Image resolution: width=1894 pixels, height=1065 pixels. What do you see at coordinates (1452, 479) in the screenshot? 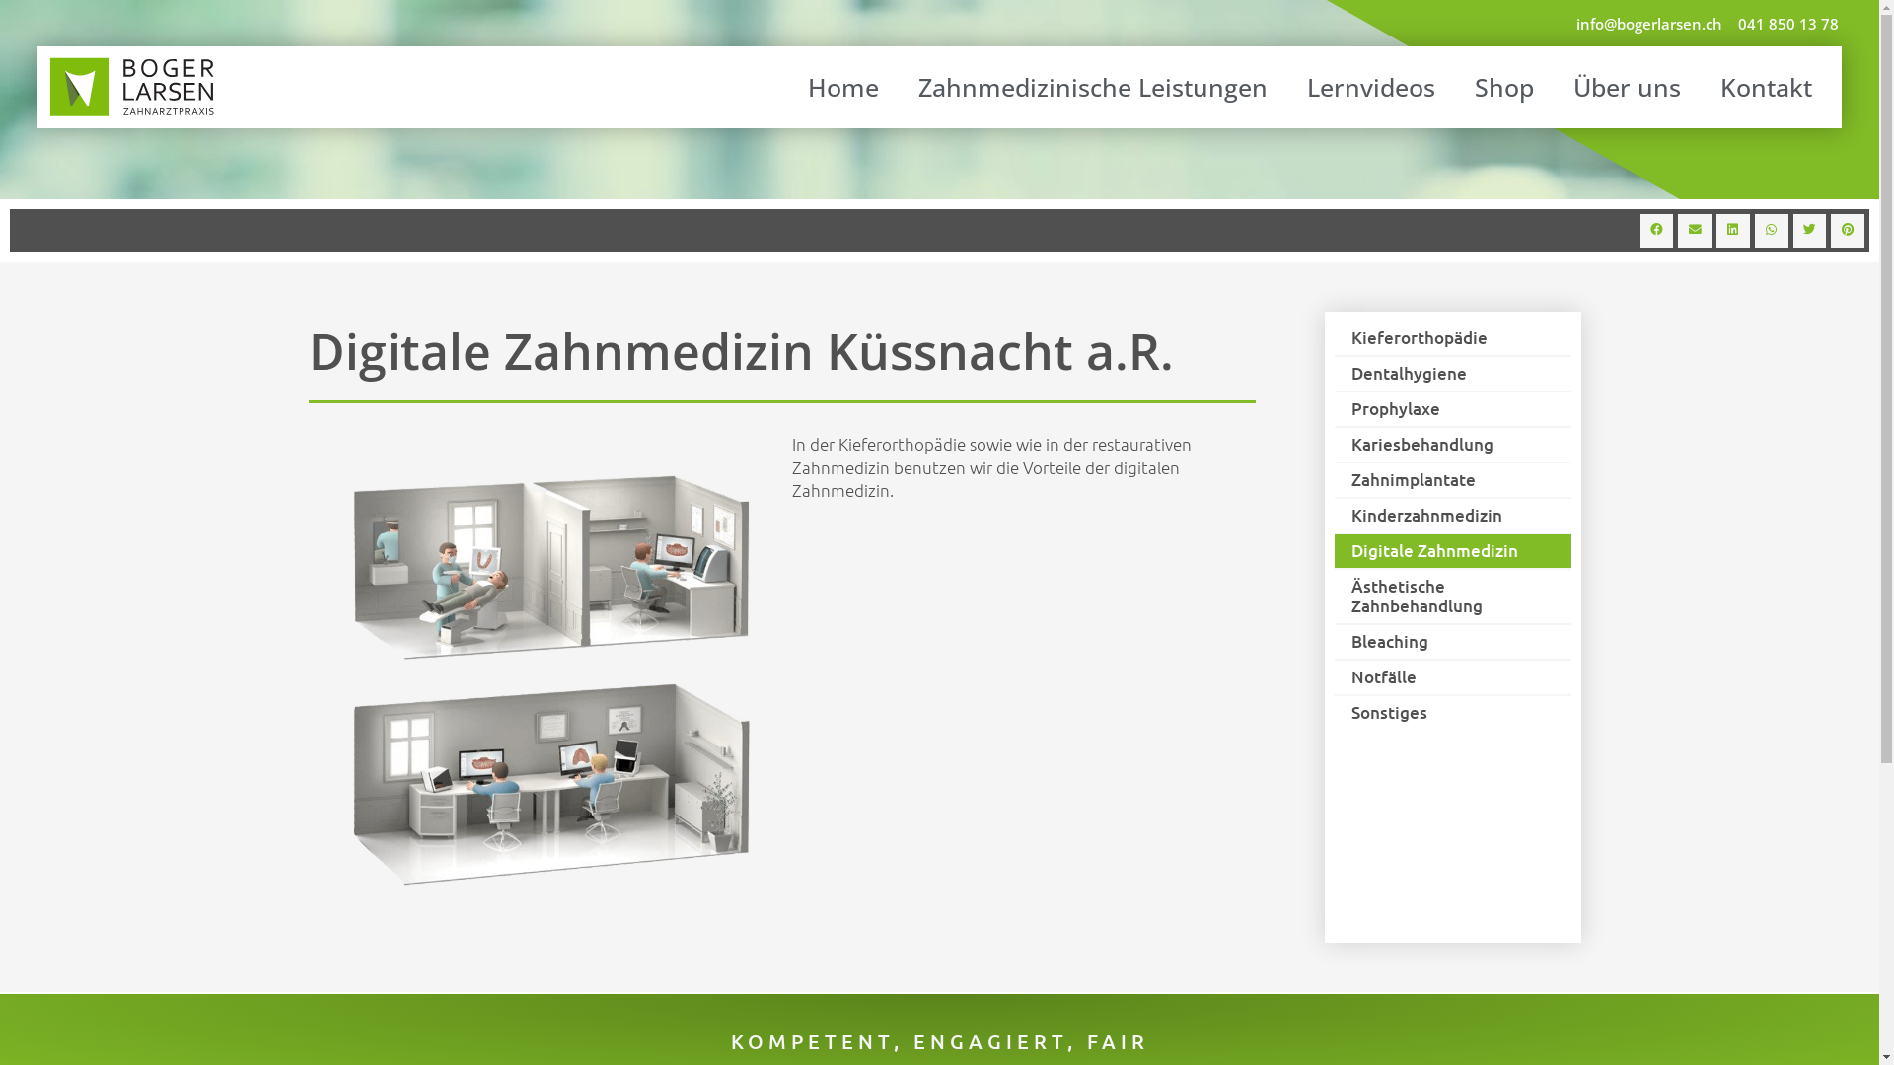
I see `'Zahnimplantate'` at bounding box center [1452, 479].